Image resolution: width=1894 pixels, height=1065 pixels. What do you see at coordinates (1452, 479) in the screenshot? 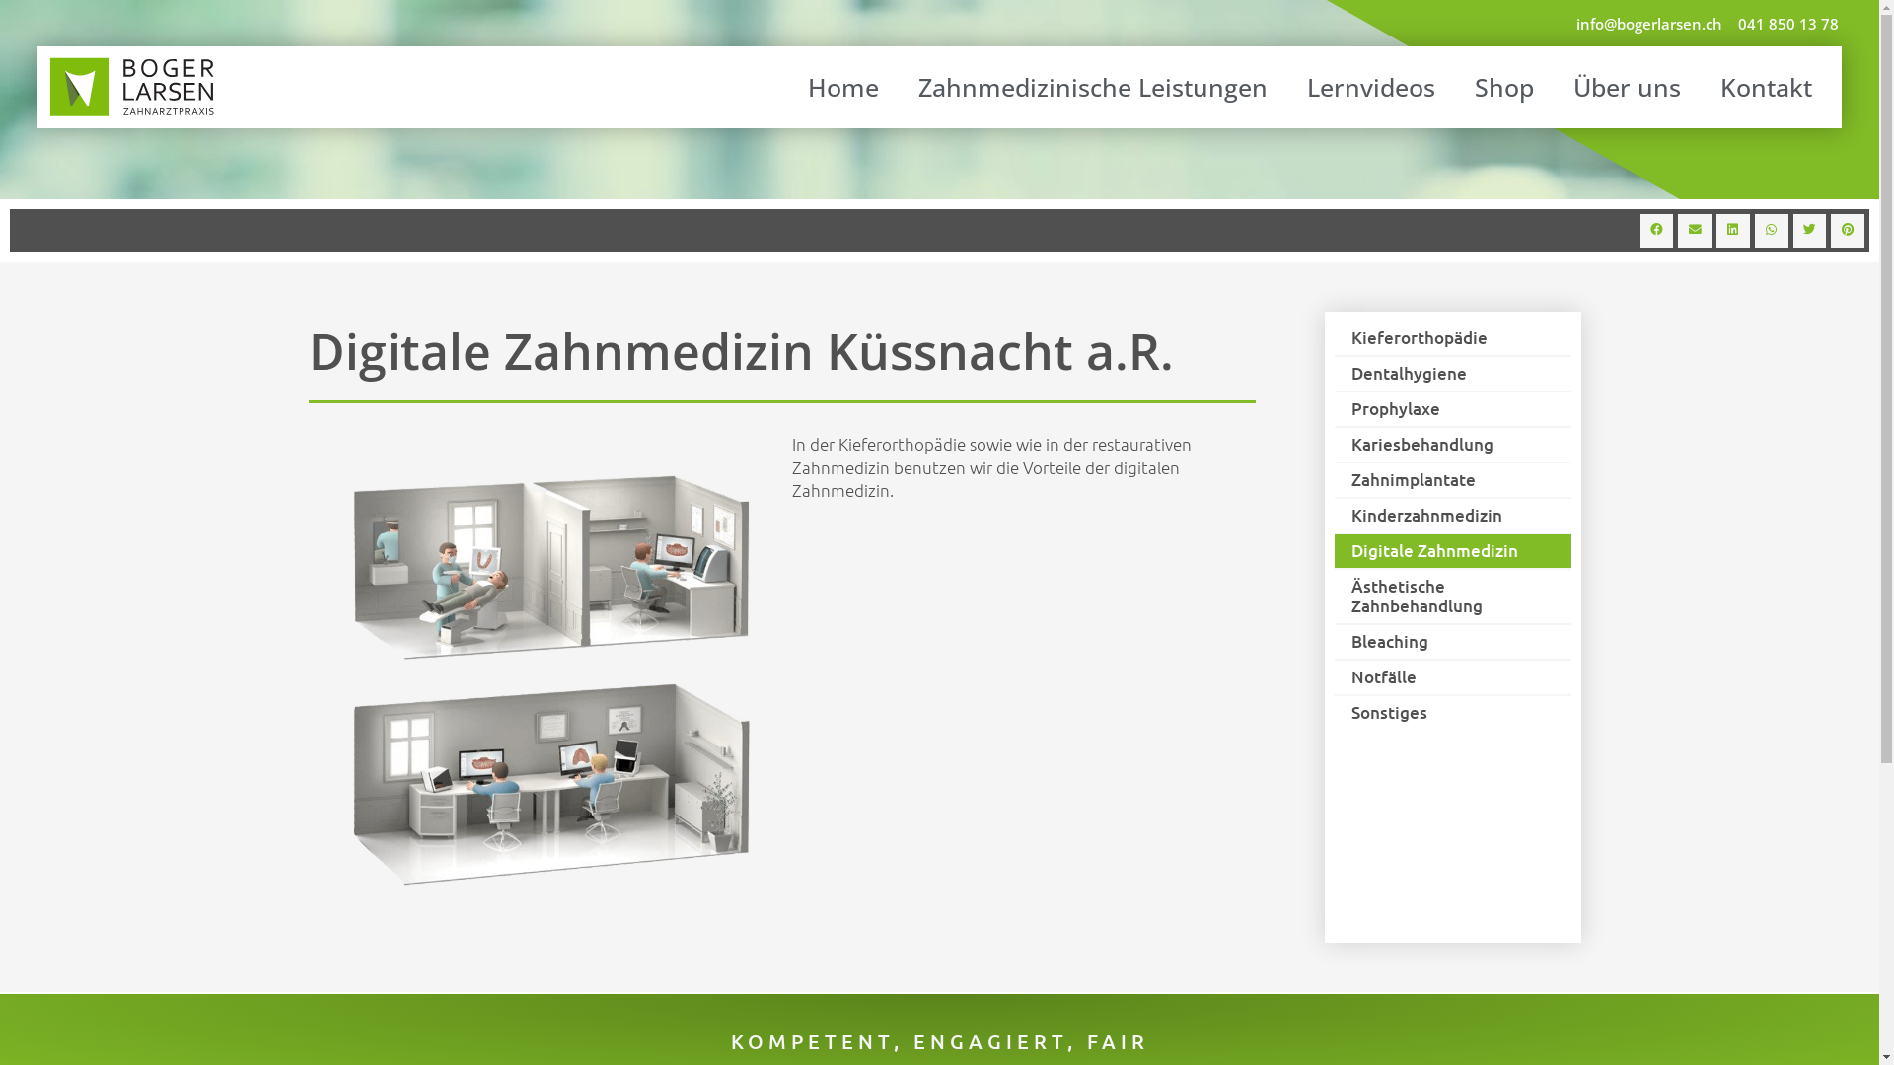
I see `'Zahnimplantate'` at bounding box center [1452, 479].